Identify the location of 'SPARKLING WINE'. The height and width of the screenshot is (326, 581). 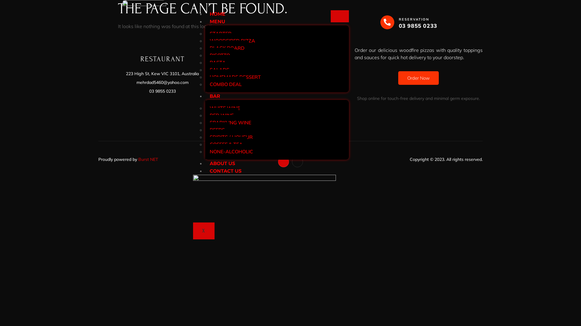
(205, 122).